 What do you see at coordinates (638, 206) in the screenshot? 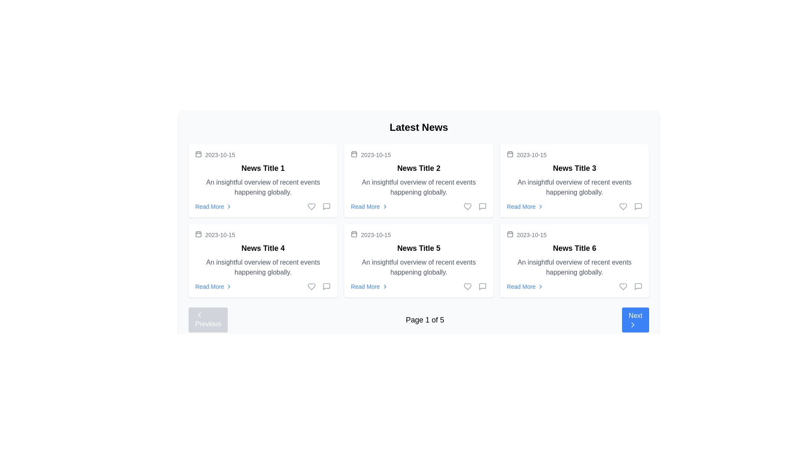
I see `the comment icon located in the bottom-right corner of the third news card, which resembles a speech bubble and allows users` at bounding box center [638, 206].